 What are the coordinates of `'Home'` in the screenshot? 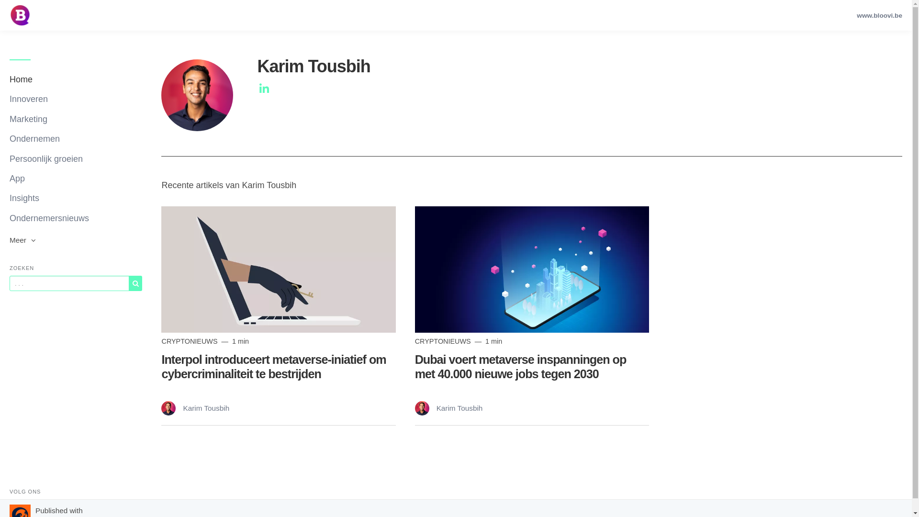 It's located at (75, 79).